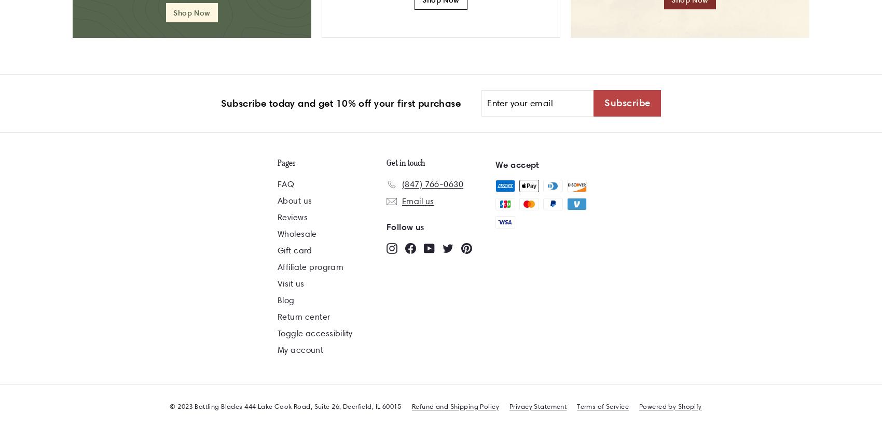 This screenshot has width=882, height=428. Describe the element at coordinates (285, 299) in the screenshot. I see `'Blog'` at that location.